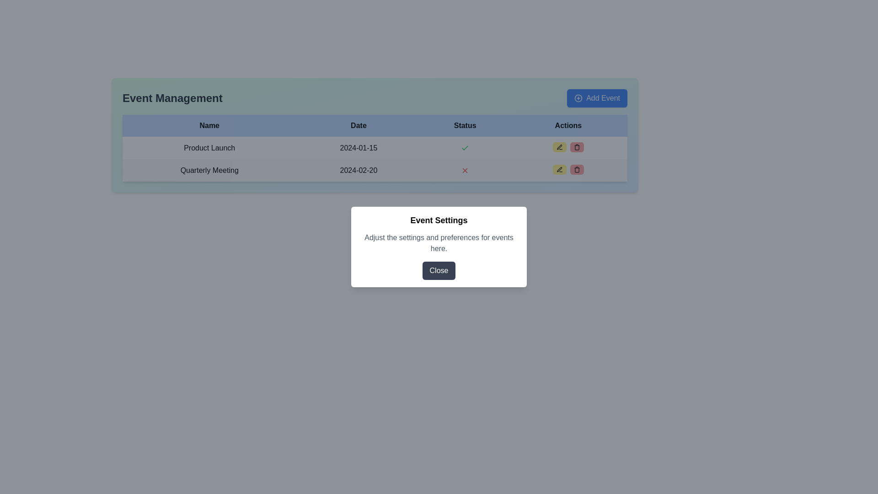 This screenshot has height=494, width=878. Describe the element at coordinates (578, 98) in the screenshot. I see `the circular outline icon with a plus sign inside, located on the left side of the 'Add Event' button in the 'Event Management' panel` at that location.